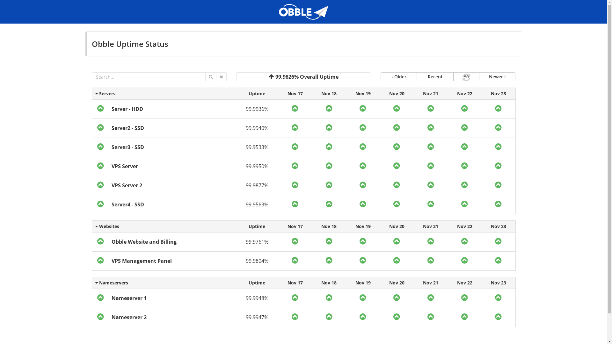 This screenshot has width=612, height=344. Describe the element at coordinates (91, 93) in the screenshot. I see `'Servers'` at that location.